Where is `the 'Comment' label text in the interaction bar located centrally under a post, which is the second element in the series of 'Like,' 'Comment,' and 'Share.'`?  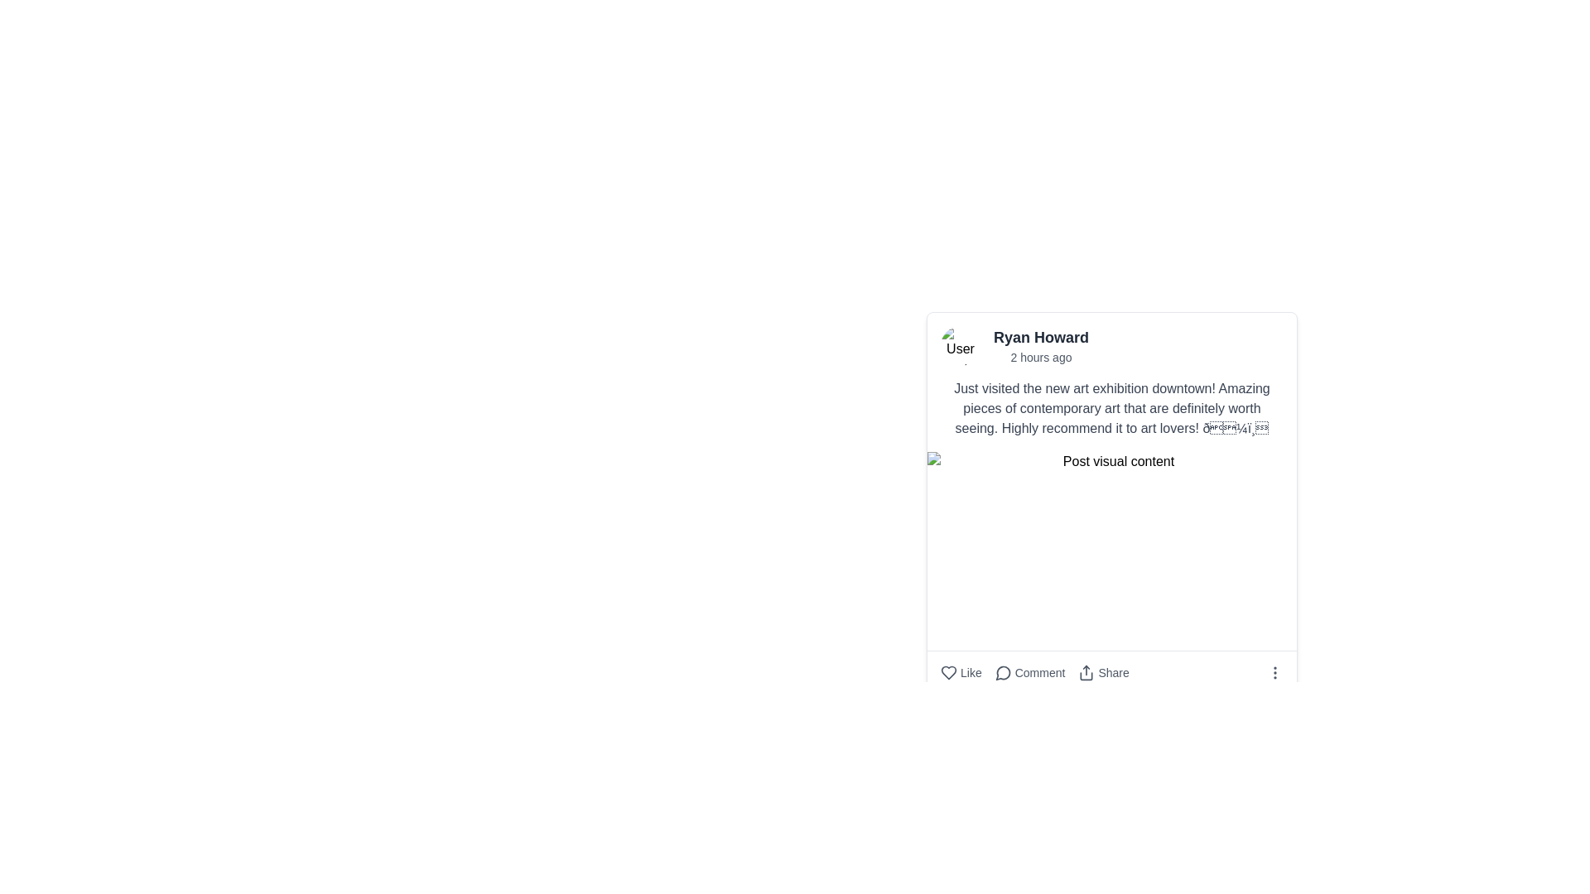
the 'Comment' label text in the interaction bar located centrally under a post, which is the second element in the series of 'Like,' 'Comment,' and 'Share.' is located at coordinates (1039, 673).